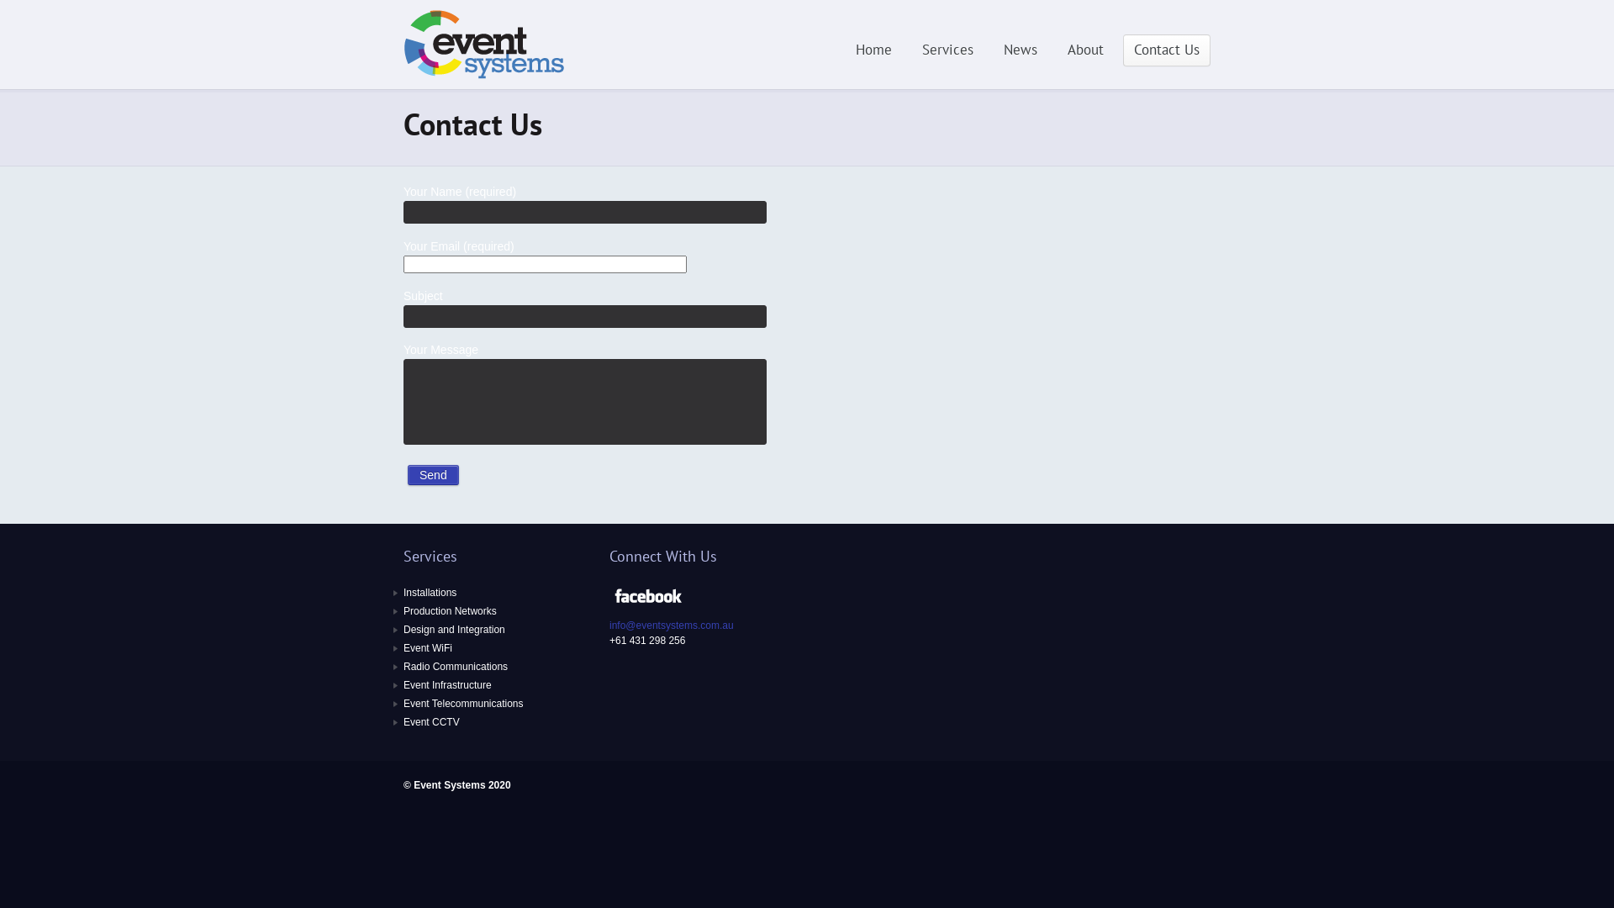  What do you see at coordinates (1165, 50) in the screenshot?
I see `'Contact Us'` at bounding box center [1165, 50].